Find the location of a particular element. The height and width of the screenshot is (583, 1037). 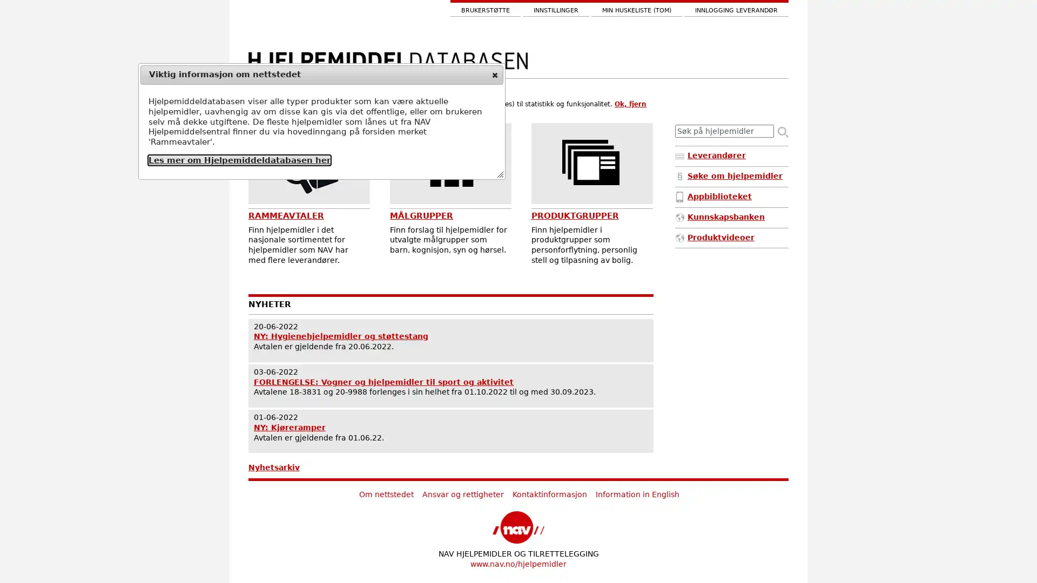

Sk is located at coordinates (783, 131).